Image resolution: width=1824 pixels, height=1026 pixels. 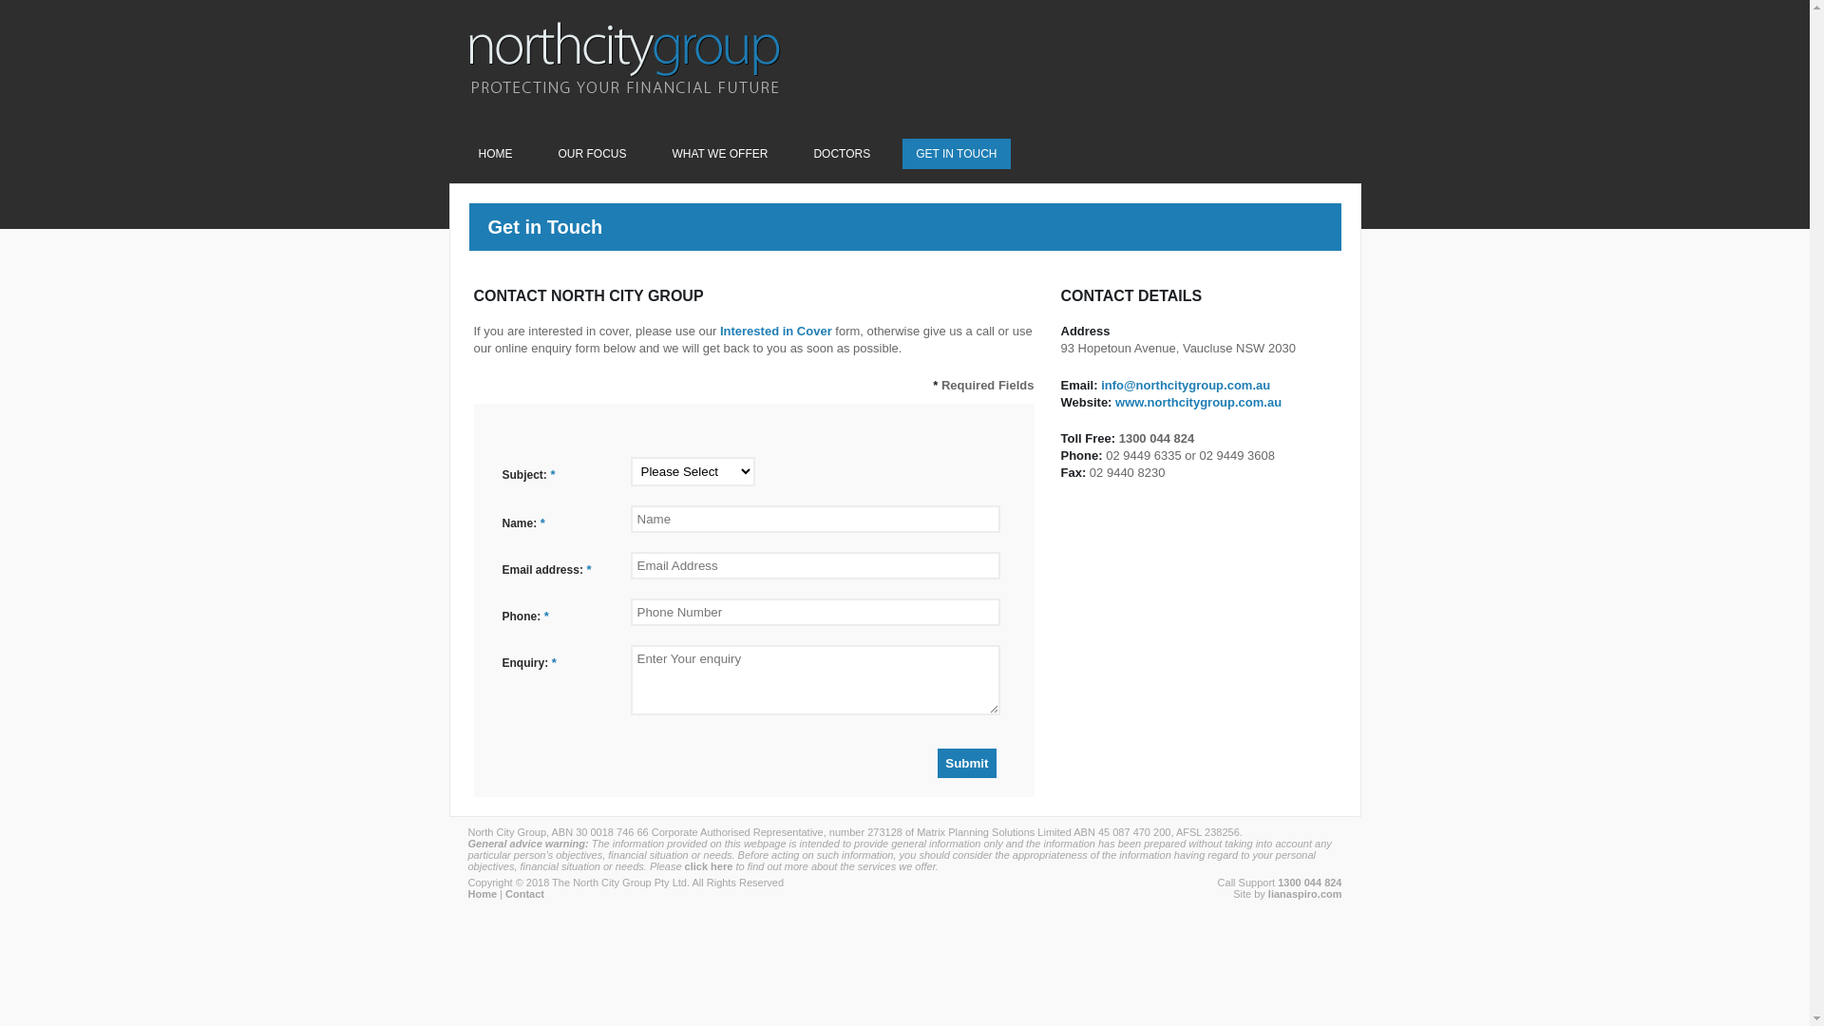 What do you see at coordinates (496, 153) in the screenshot?
I see `'HOME'` at bounding box center [496, 153].